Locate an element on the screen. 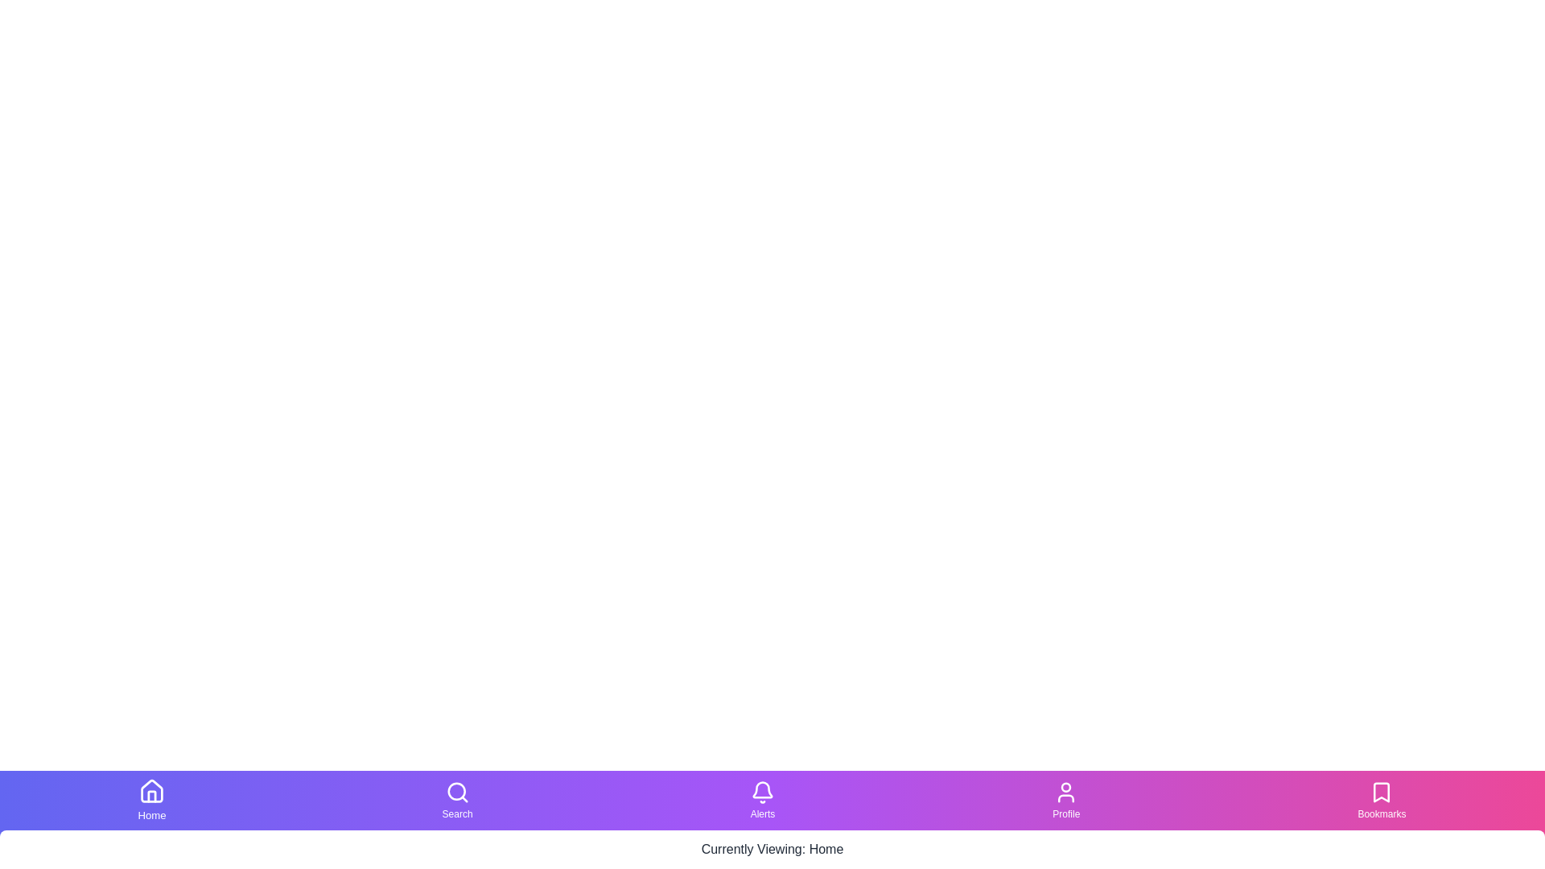  the Profile tab is located at coordinates (1066, 801).